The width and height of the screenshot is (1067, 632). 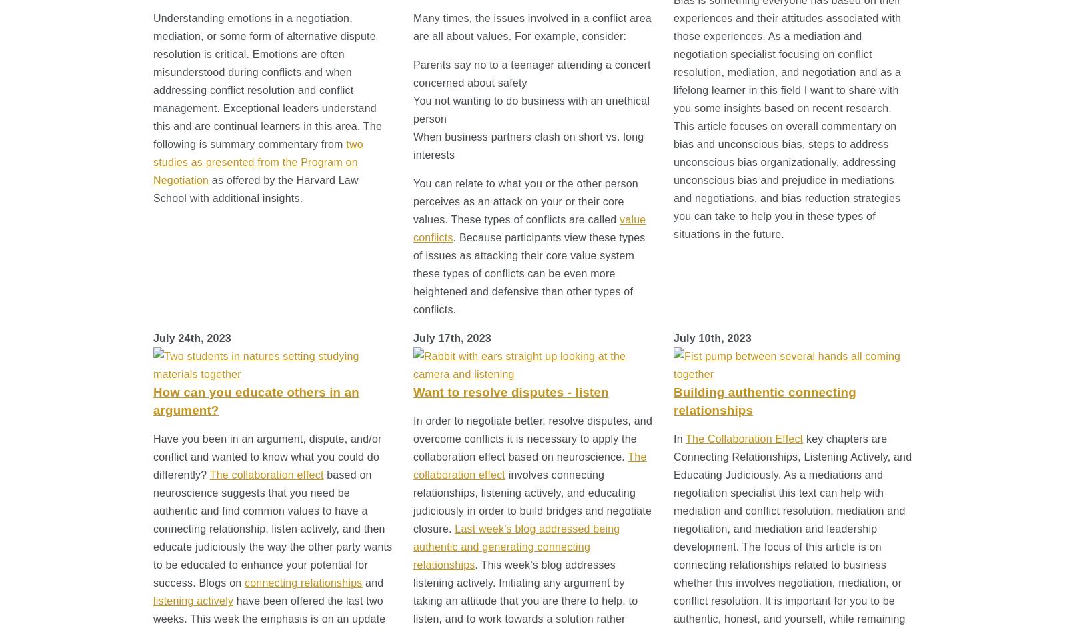 What do you see at coordinates (258, 162) in the screenshot?
I see `'two studies as presented from the Program on Negotiation'` at bounding box center [258, 162].